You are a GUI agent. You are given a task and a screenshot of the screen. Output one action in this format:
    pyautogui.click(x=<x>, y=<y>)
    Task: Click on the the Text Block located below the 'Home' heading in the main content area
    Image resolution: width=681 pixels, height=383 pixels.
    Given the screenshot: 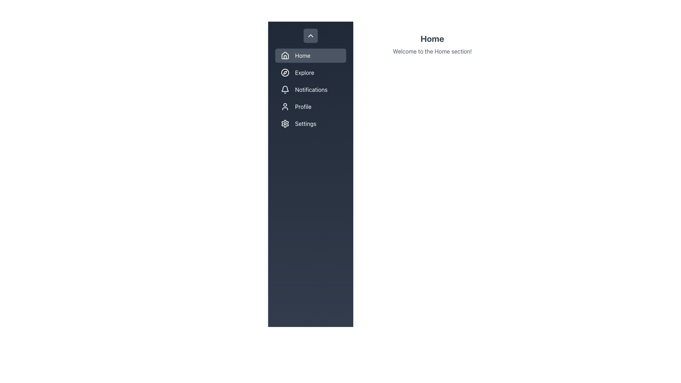 What is the action you would take?
    pyautogui.click(x=432, y=51)
    